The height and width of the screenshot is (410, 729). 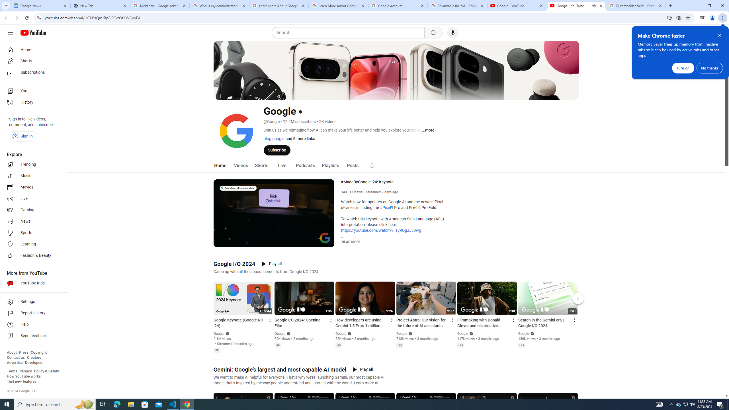 I want to click on 'Fashion & Beauty', so click(x=32, y=255).